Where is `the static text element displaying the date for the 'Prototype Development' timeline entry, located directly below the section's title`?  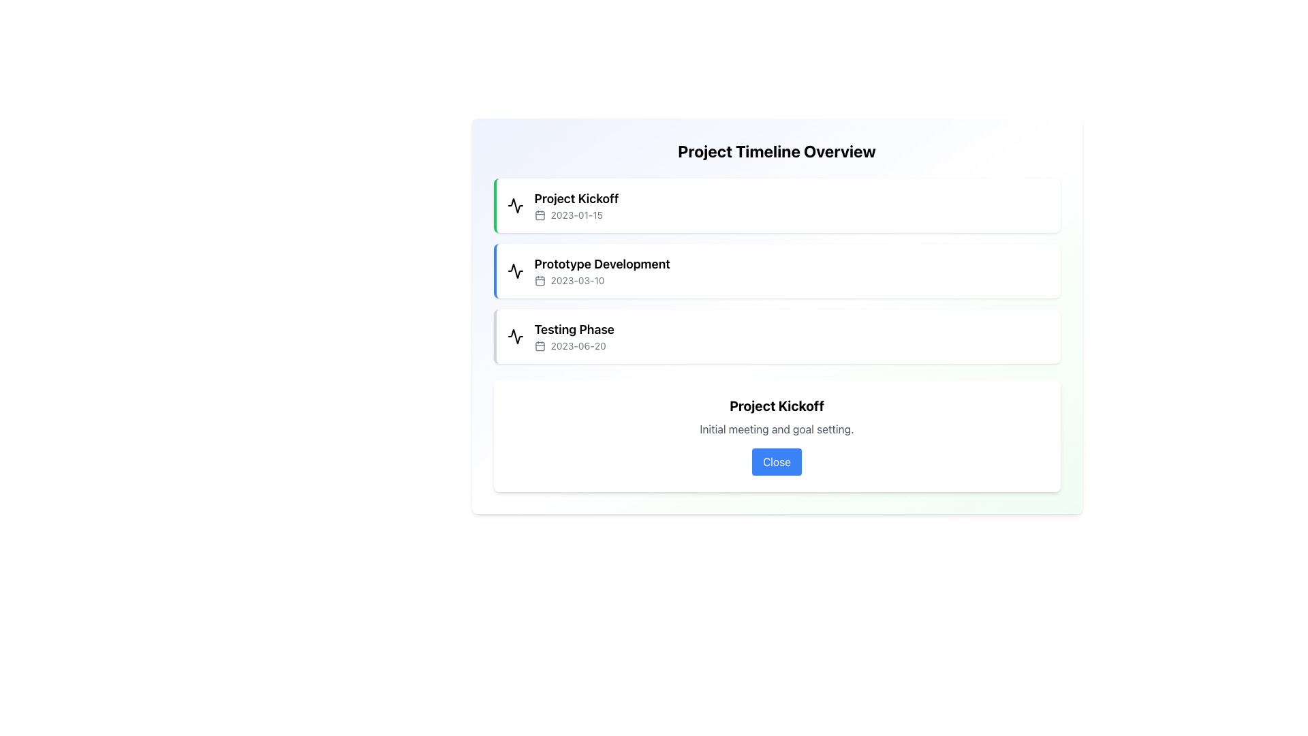 the static text element displaying the date for the 'Prototype Development' timeline entry, located directly below the section's title is located at coordinates (602, 280).